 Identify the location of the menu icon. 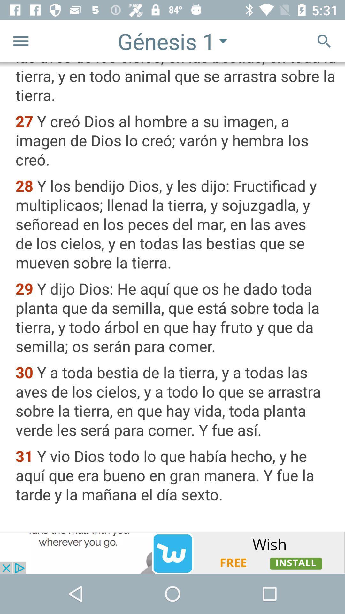
(20, 41).